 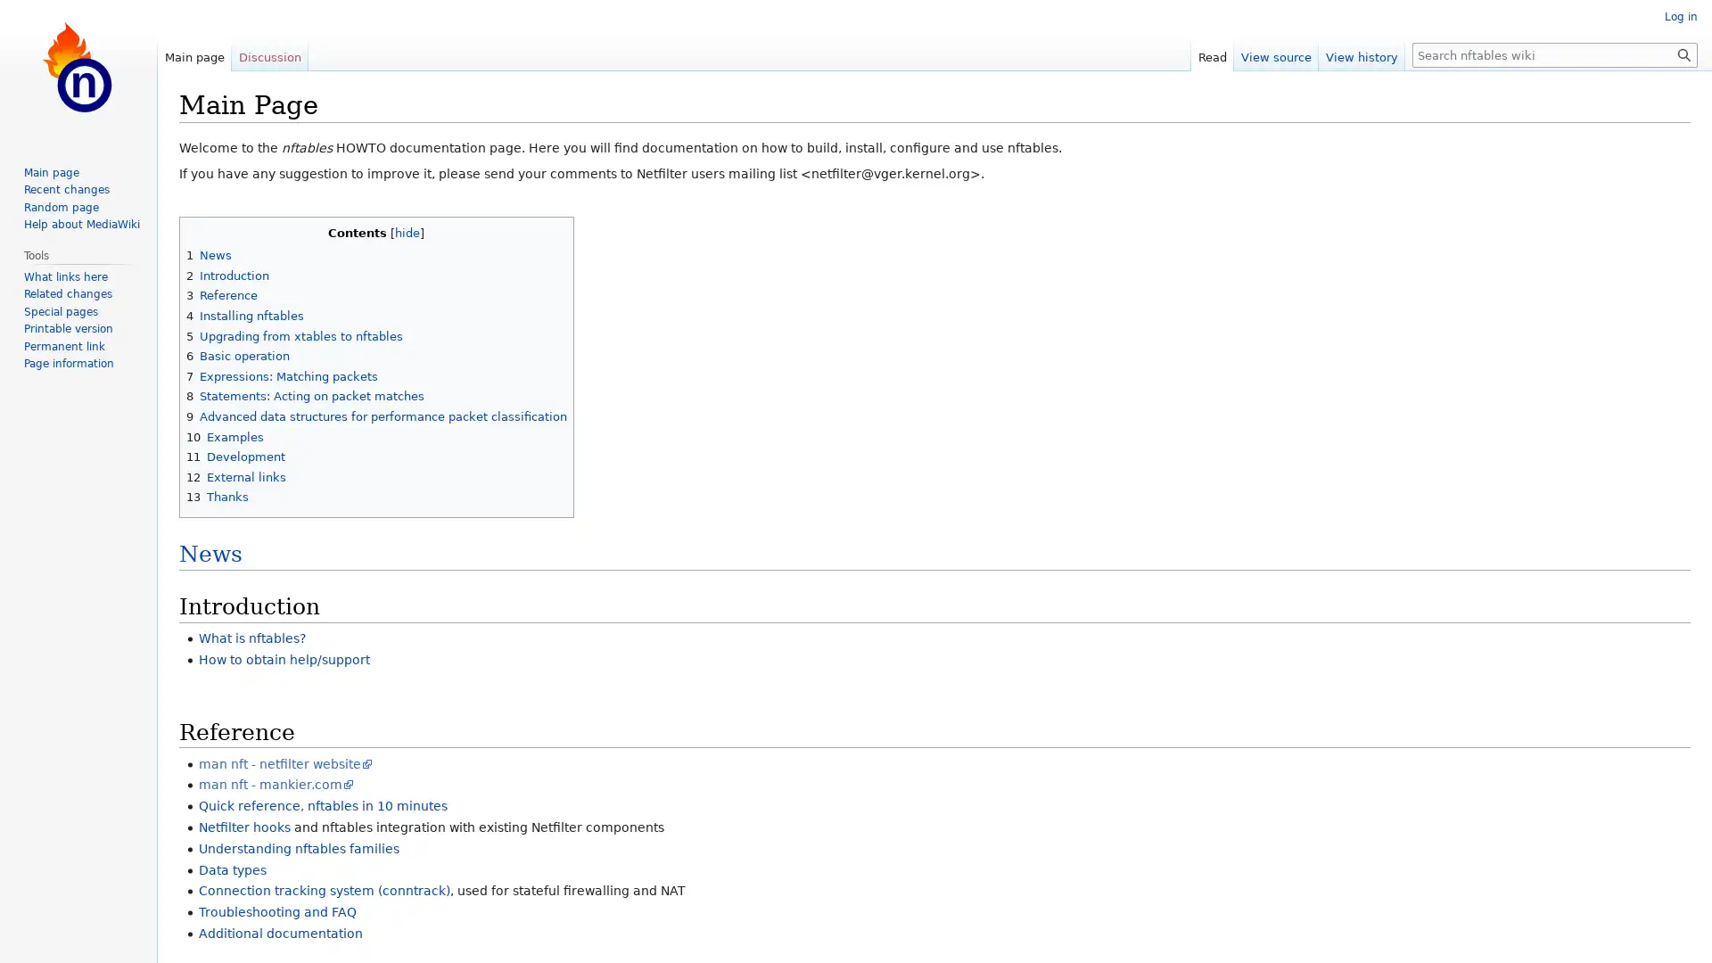 I want to click on Search, so click(x=1683, y=53).